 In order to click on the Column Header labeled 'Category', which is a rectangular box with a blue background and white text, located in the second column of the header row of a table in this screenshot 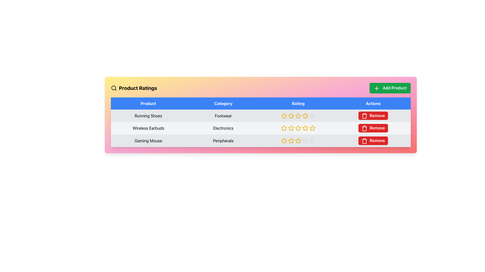, I will do `click(223, 103)`.